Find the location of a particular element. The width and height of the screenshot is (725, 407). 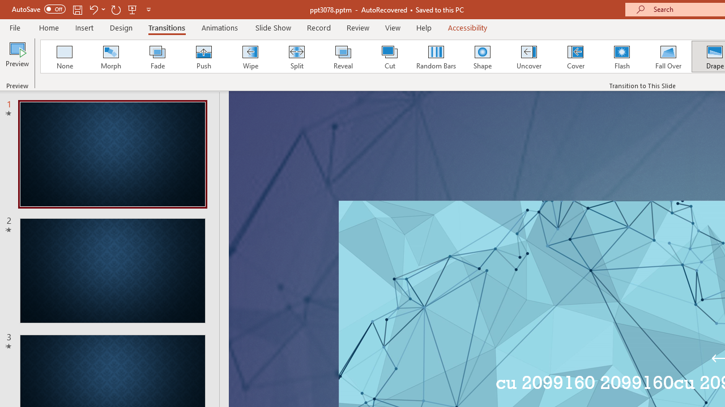

'Reveal' is located at coordinates (342, 57).